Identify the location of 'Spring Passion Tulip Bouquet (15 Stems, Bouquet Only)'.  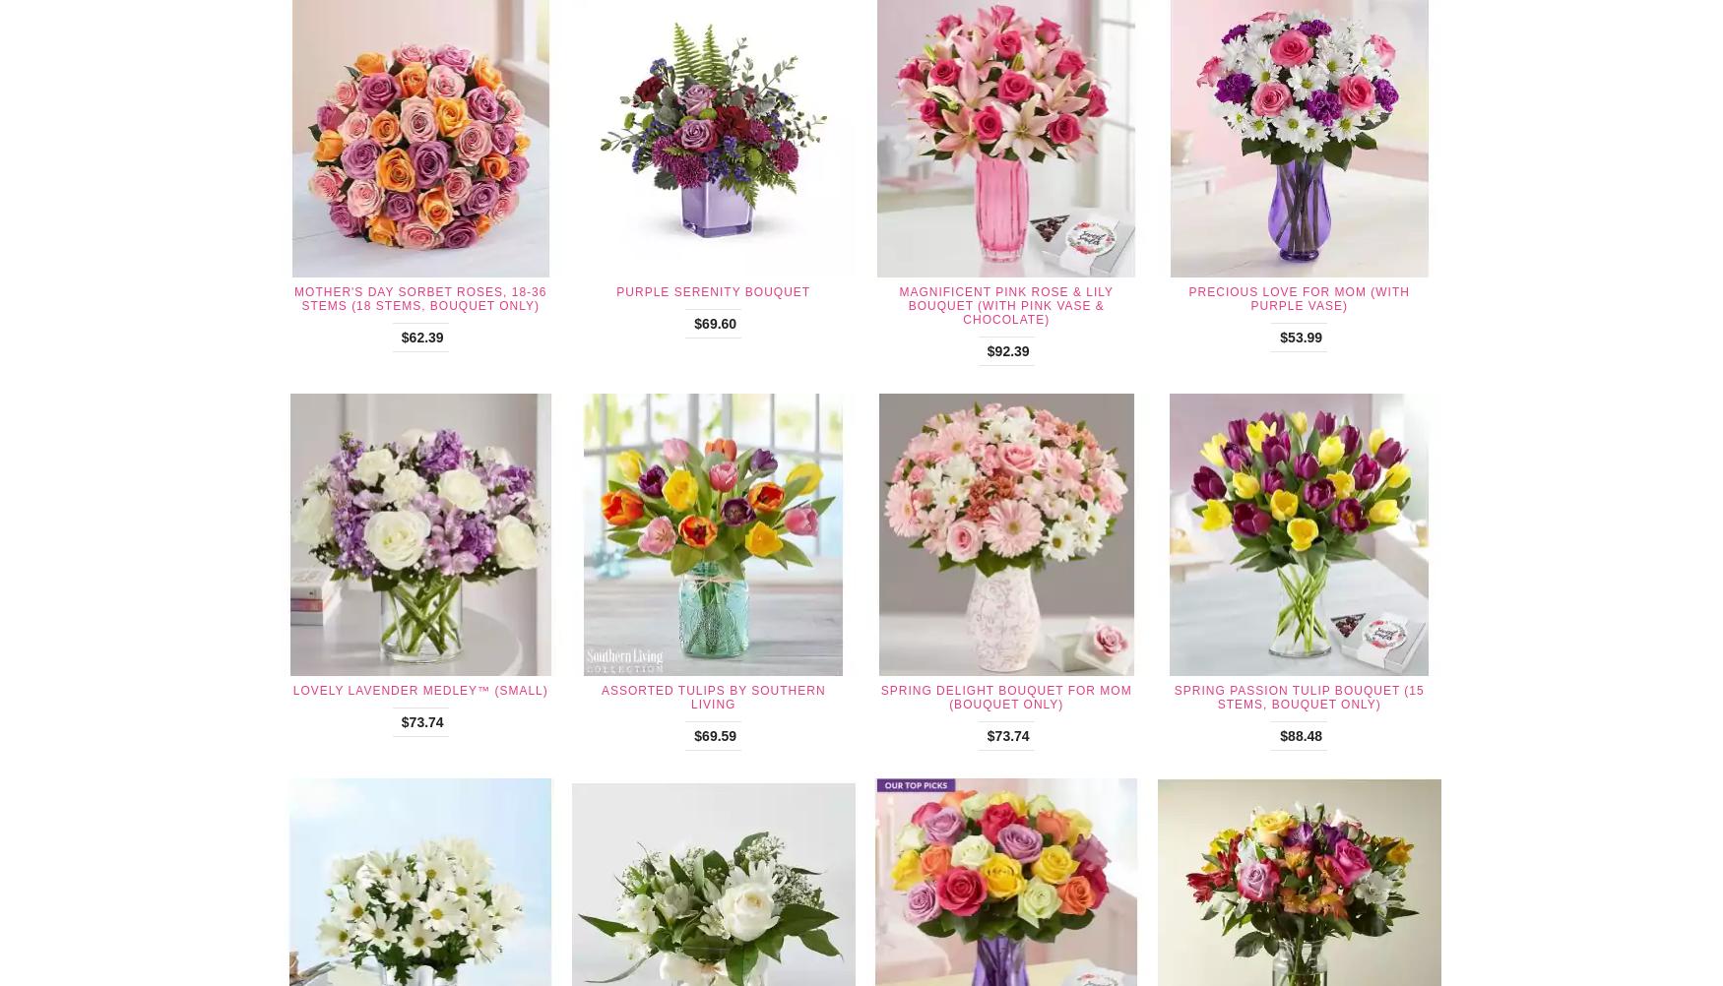
(1298, 698).